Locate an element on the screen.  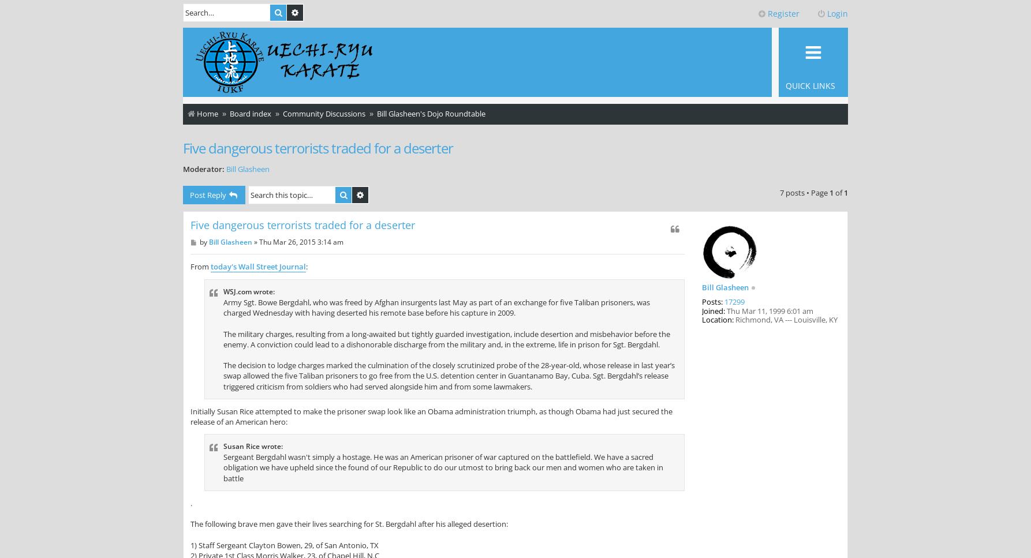
'Army Sgt. Bowe Bergdahl, who was freed by Afghan insurgents last May as part of an exchange for five Taliban prisoners, was charged Wednesday with having deserted his remote base before his capture in 2009.' is located at coordinates (436, 308).